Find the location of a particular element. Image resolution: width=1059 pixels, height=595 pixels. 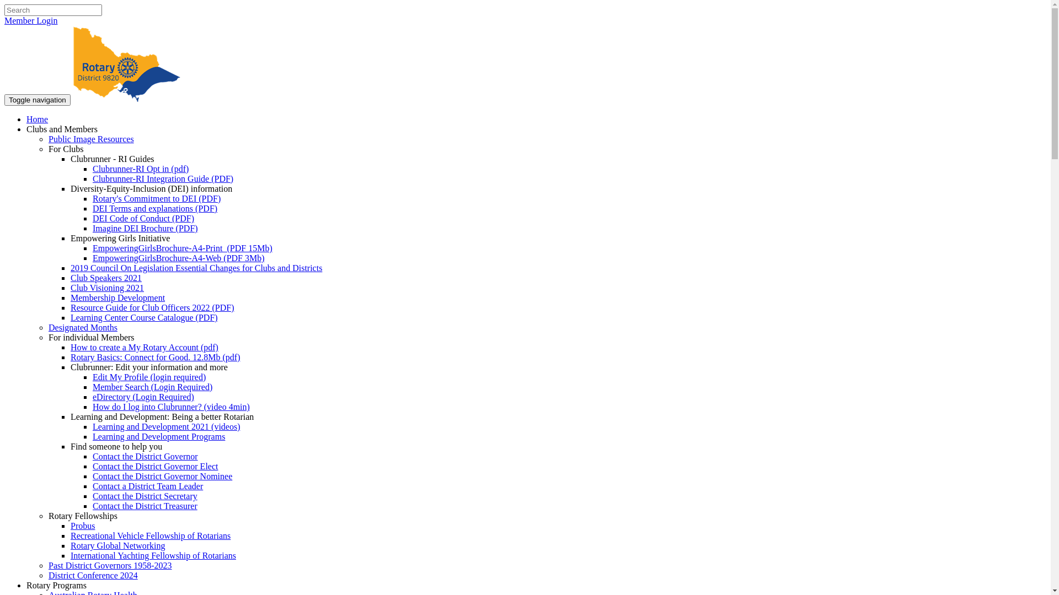

'Rotary Programs' is located at coordinates (56, 585).